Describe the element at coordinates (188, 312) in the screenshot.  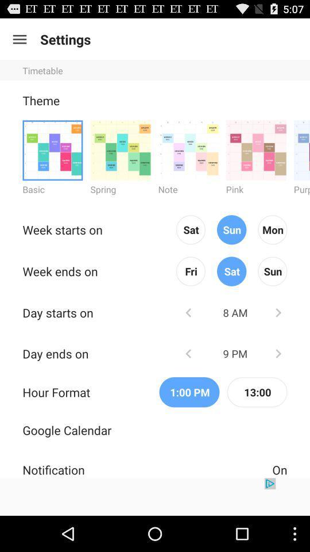
I see `previous` at that location.